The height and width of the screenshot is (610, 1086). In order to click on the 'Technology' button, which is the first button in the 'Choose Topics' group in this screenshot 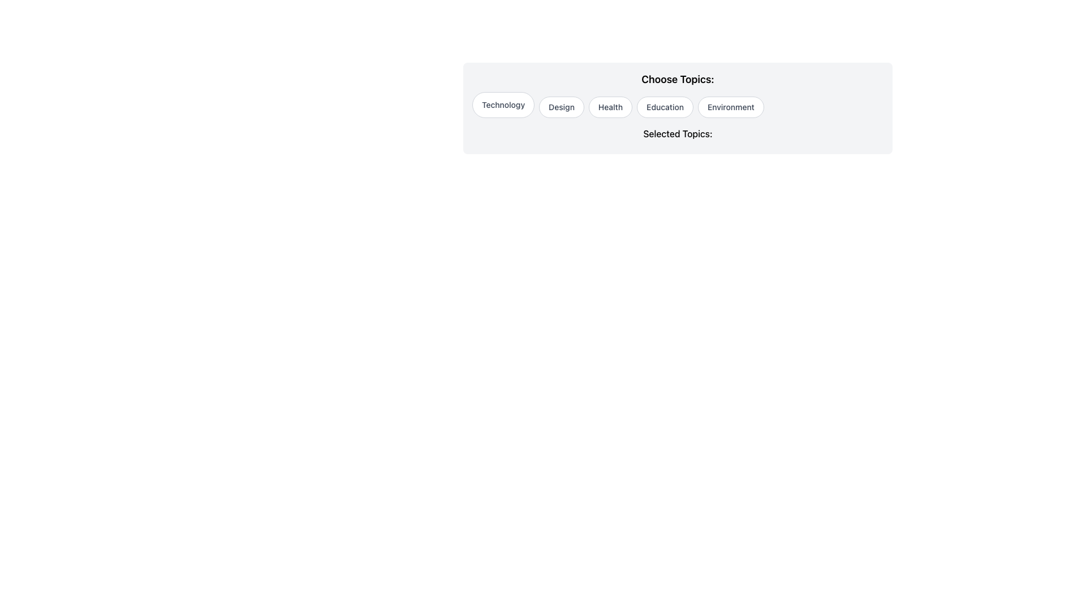, I will do `click(503, 104)`.